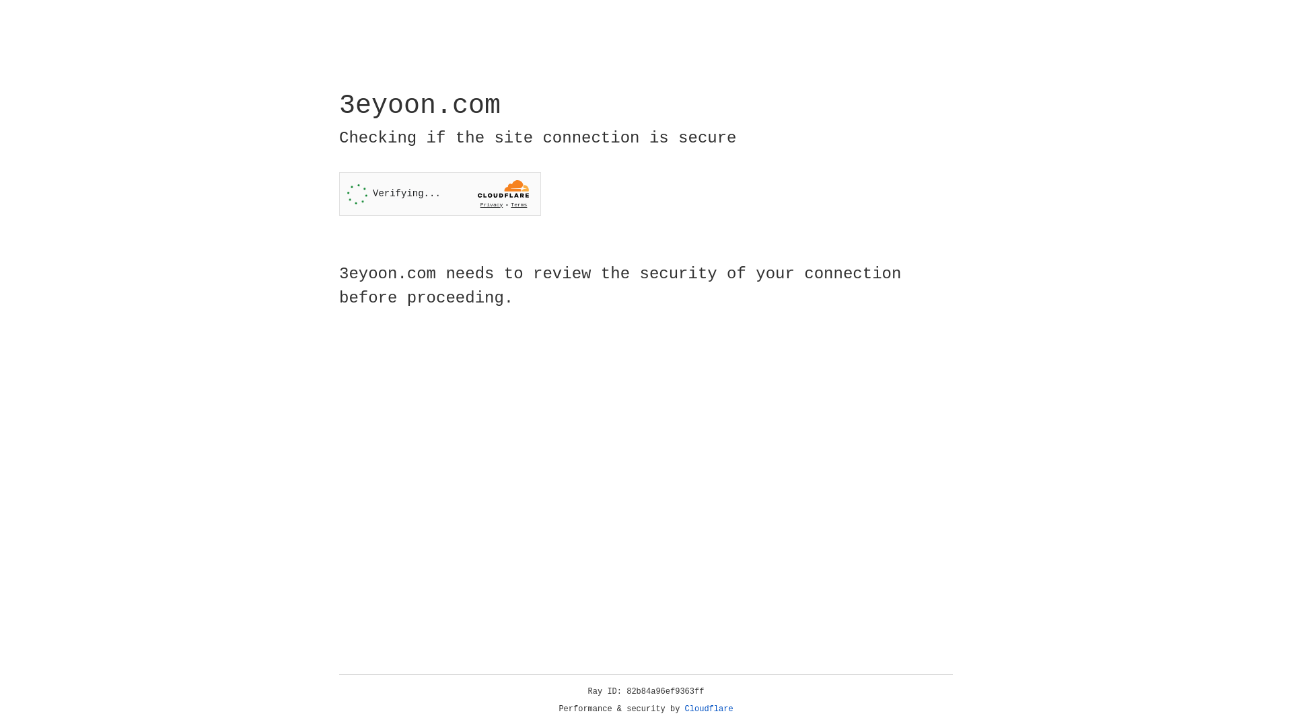  What do you see at coordinates (709, 709) in the screenshot?
I see `'Cloudflare'` at bounding box center [709, 709].